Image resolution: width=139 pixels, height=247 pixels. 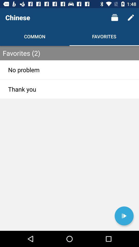 I want to click on voice clips, so click(x=124, y=216).